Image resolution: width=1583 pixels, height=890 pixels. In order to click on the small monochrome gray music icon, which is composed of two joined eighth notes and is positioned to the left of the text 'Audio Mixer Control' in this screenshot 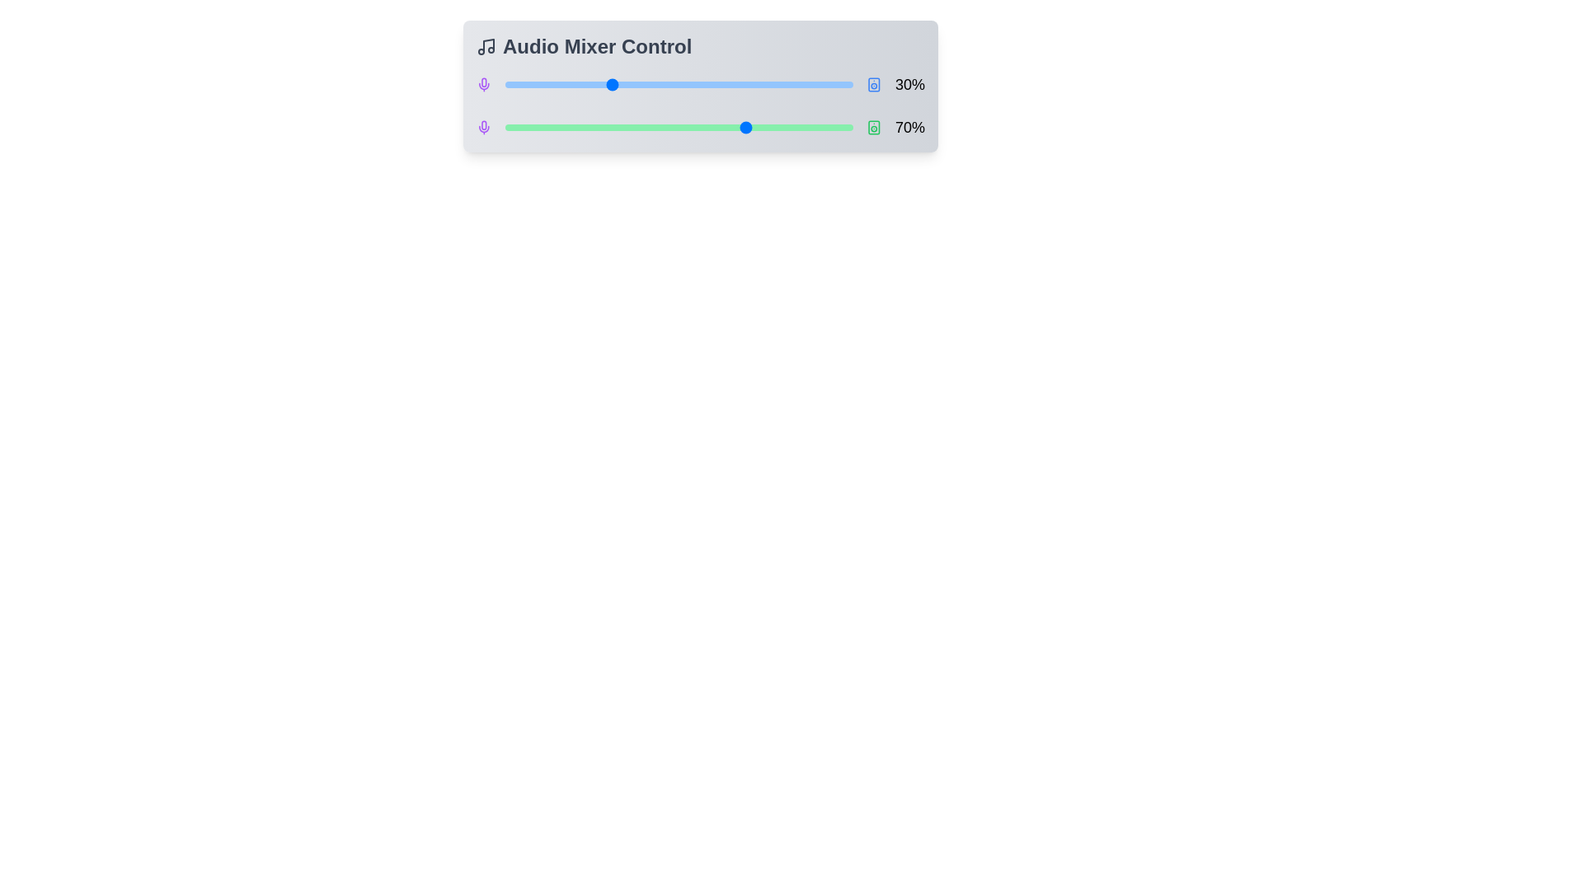, I will do `click(486, 46)`.